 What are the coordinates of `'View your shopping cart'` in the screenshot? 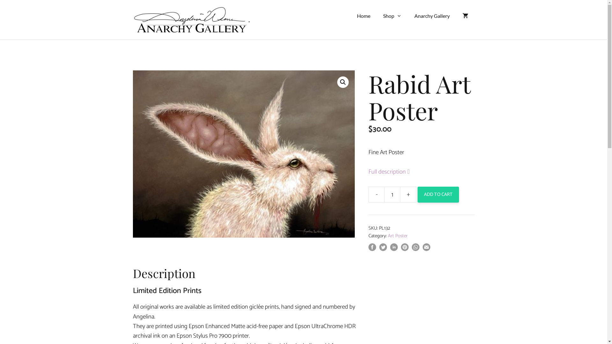 It's located at (465, 16).